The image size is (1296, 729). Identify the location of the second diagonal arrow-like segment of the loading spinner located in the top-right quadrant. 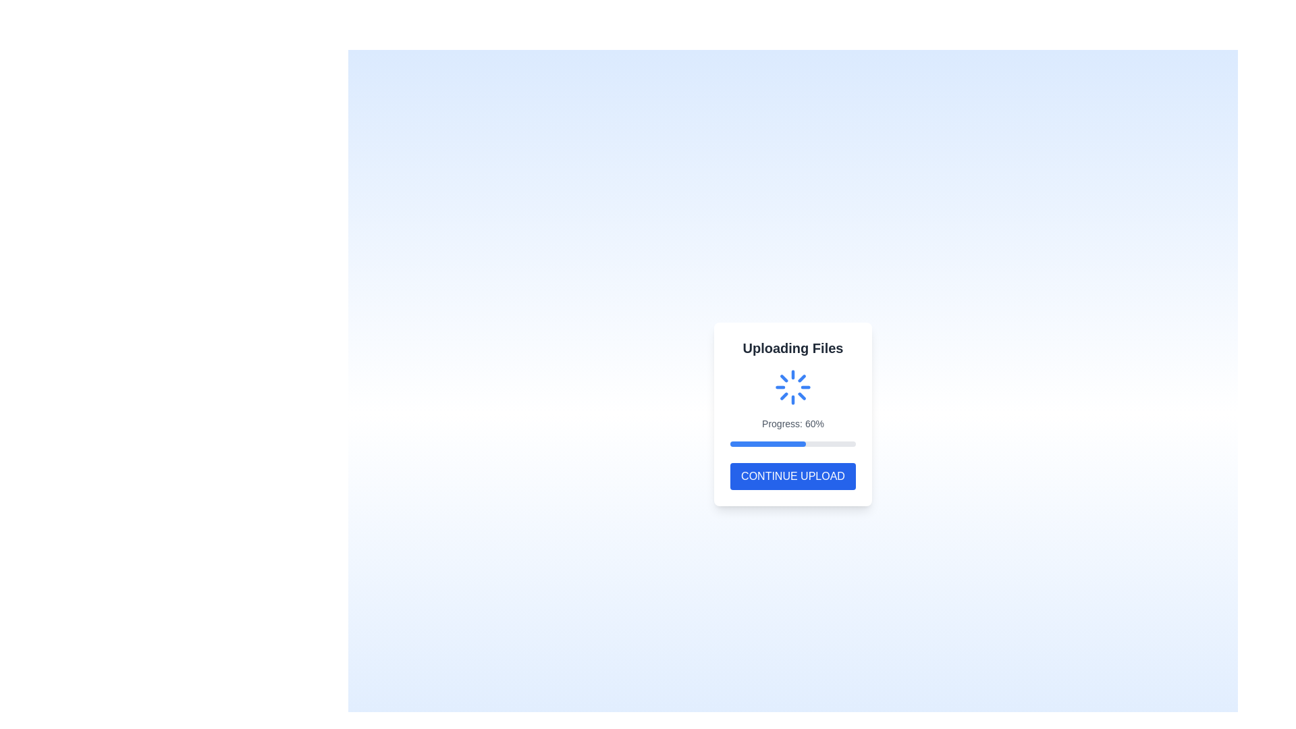
(787, 398).